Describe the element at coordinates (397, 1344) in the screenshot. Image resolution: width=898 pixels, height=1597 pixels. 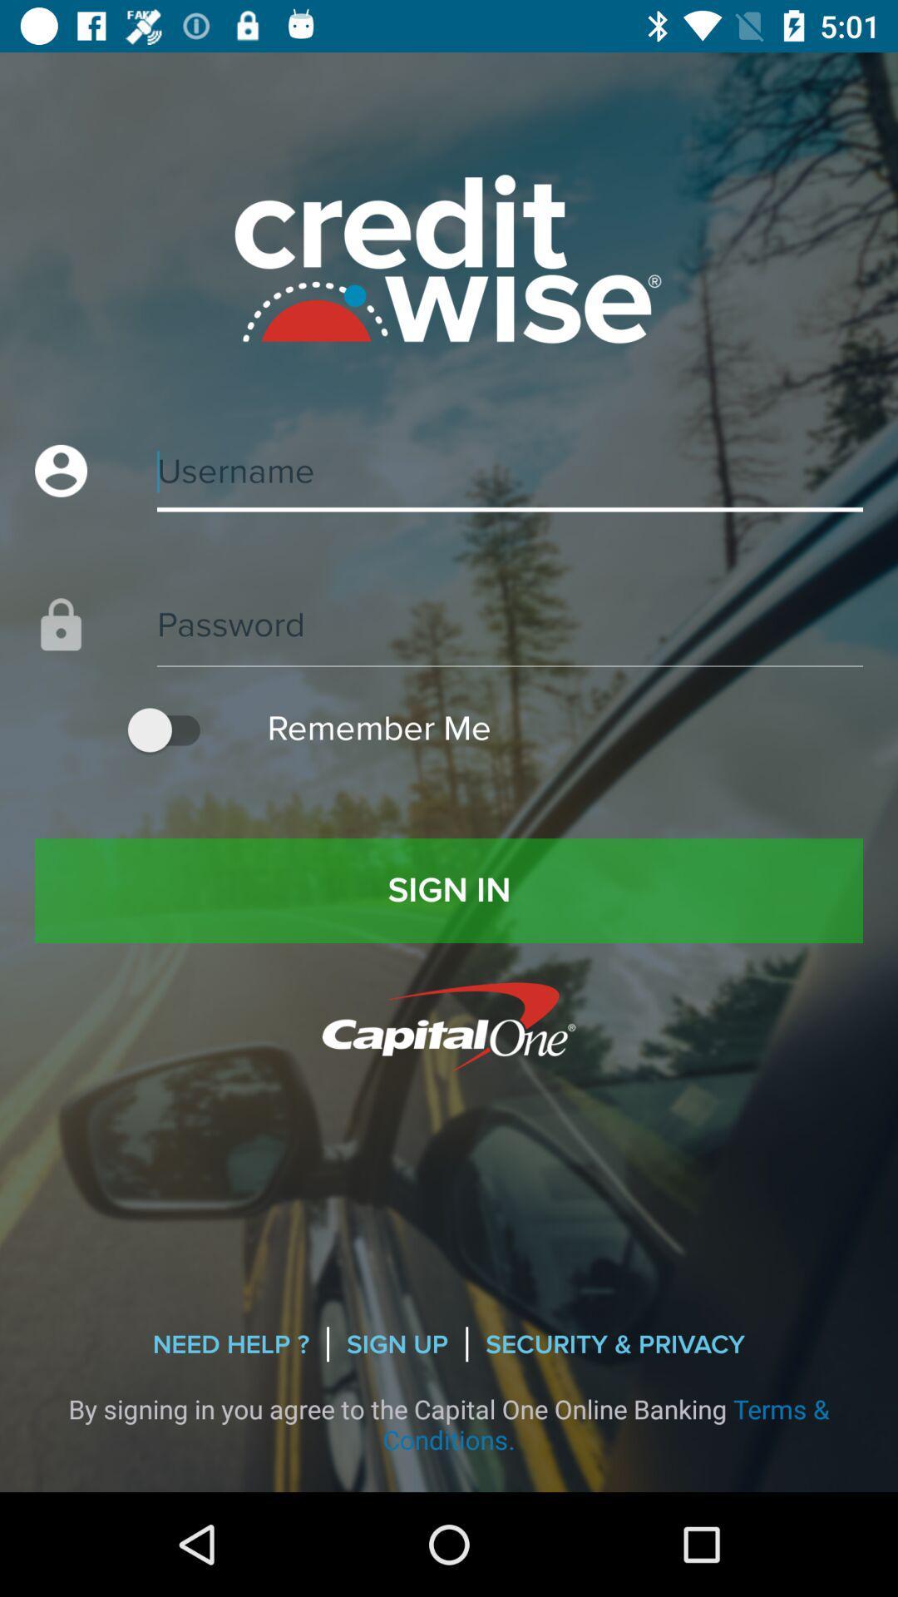
I see `the item above by signing in icon` at that location.